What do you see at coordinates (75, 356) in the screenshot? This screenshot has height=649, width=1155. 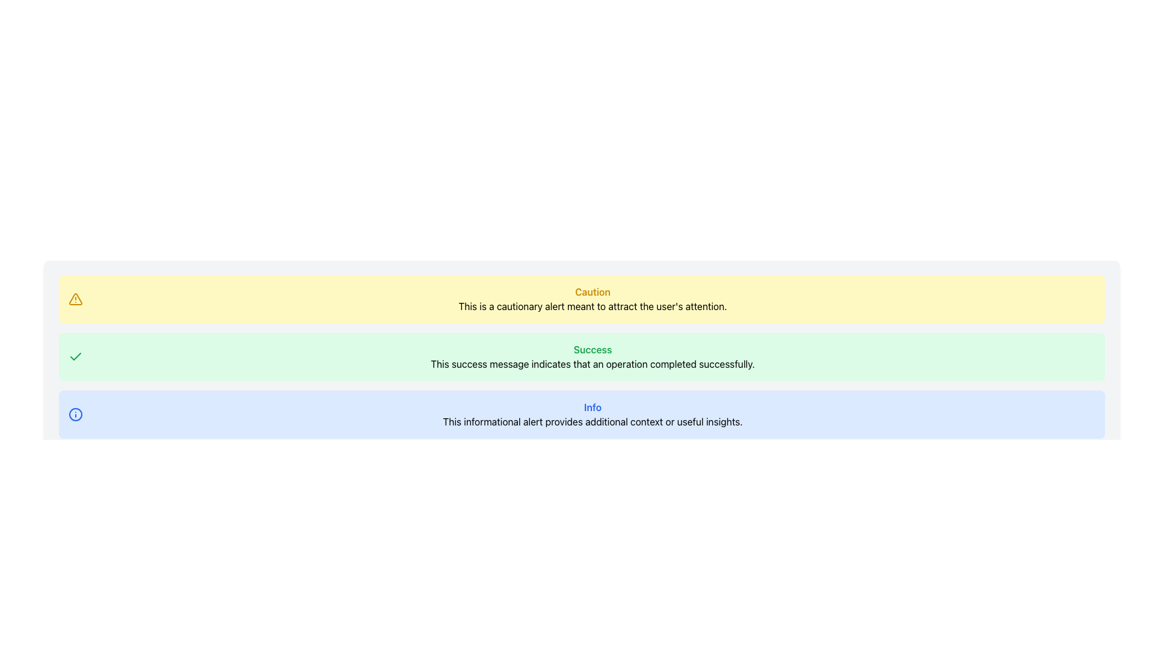 I see `the small green check icon, which signifies success, located at the beginning of the green background success message card` at bounding box center [75, 356].